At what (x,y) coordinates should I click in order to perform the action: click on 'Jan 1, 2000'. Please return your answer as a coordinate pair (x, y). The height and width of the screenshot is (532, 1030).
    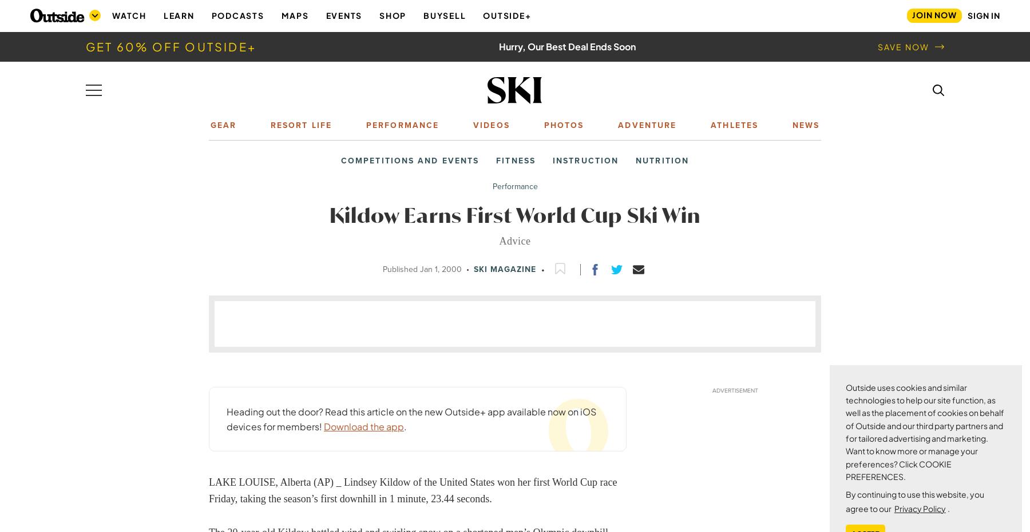
    Looking at the image, I should click on (440, 269).